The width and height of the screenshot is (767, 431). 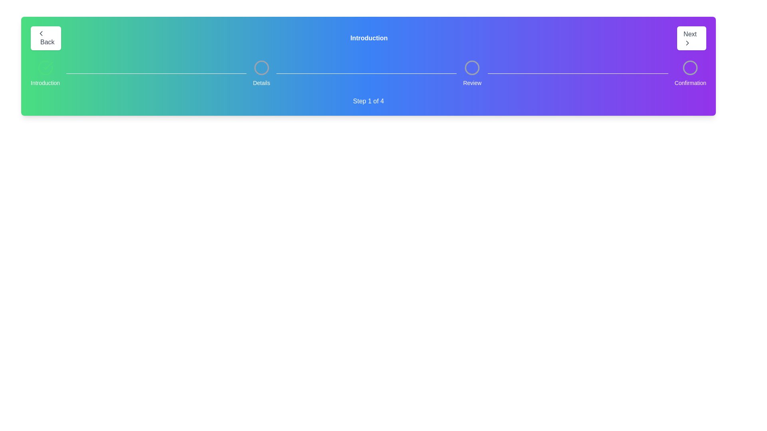 I want to click on the rectangular button labeled 'Next' with a white background and gray text, so click(x=691, y=38).